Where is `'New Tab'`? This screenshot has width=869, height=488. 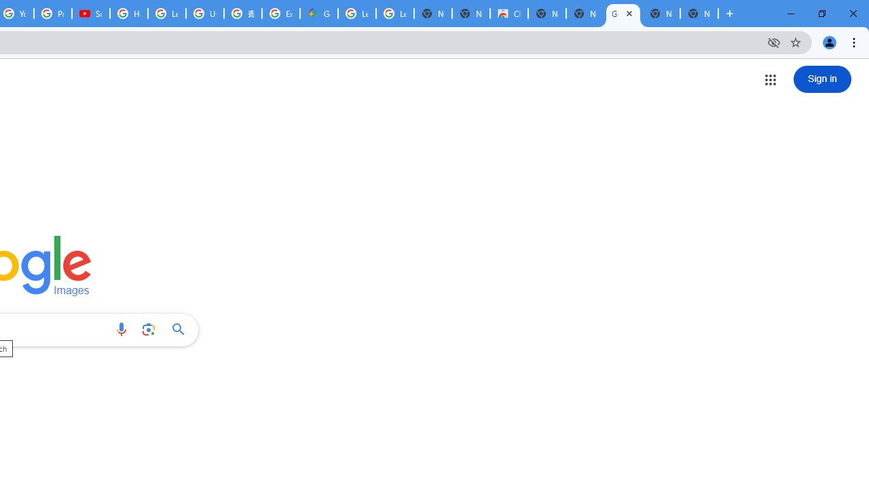
'New Tab' is located at coordinates (699, 14).